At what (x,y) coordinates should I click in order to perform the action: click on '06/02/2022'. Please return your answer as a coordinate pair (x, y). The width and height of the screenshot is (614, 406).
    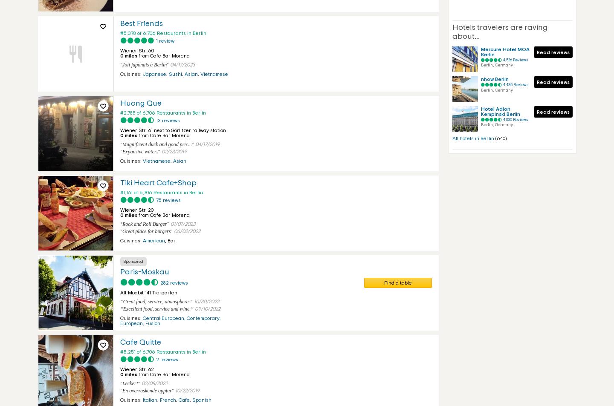
    Looking at the image, I should click on (173, 231).